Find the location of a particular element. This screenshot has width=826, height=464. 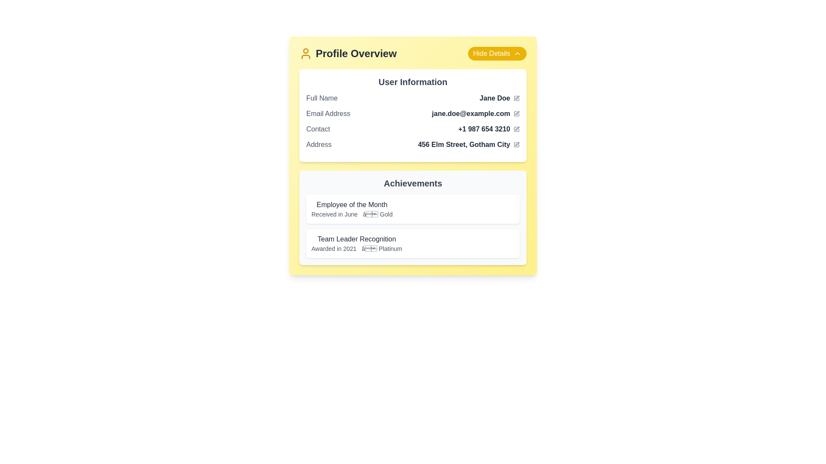

the chevron icon located at the right edge of the 'Hide Details' button in the upper-right corner of the yellow box is located at coordinates (517, 53).